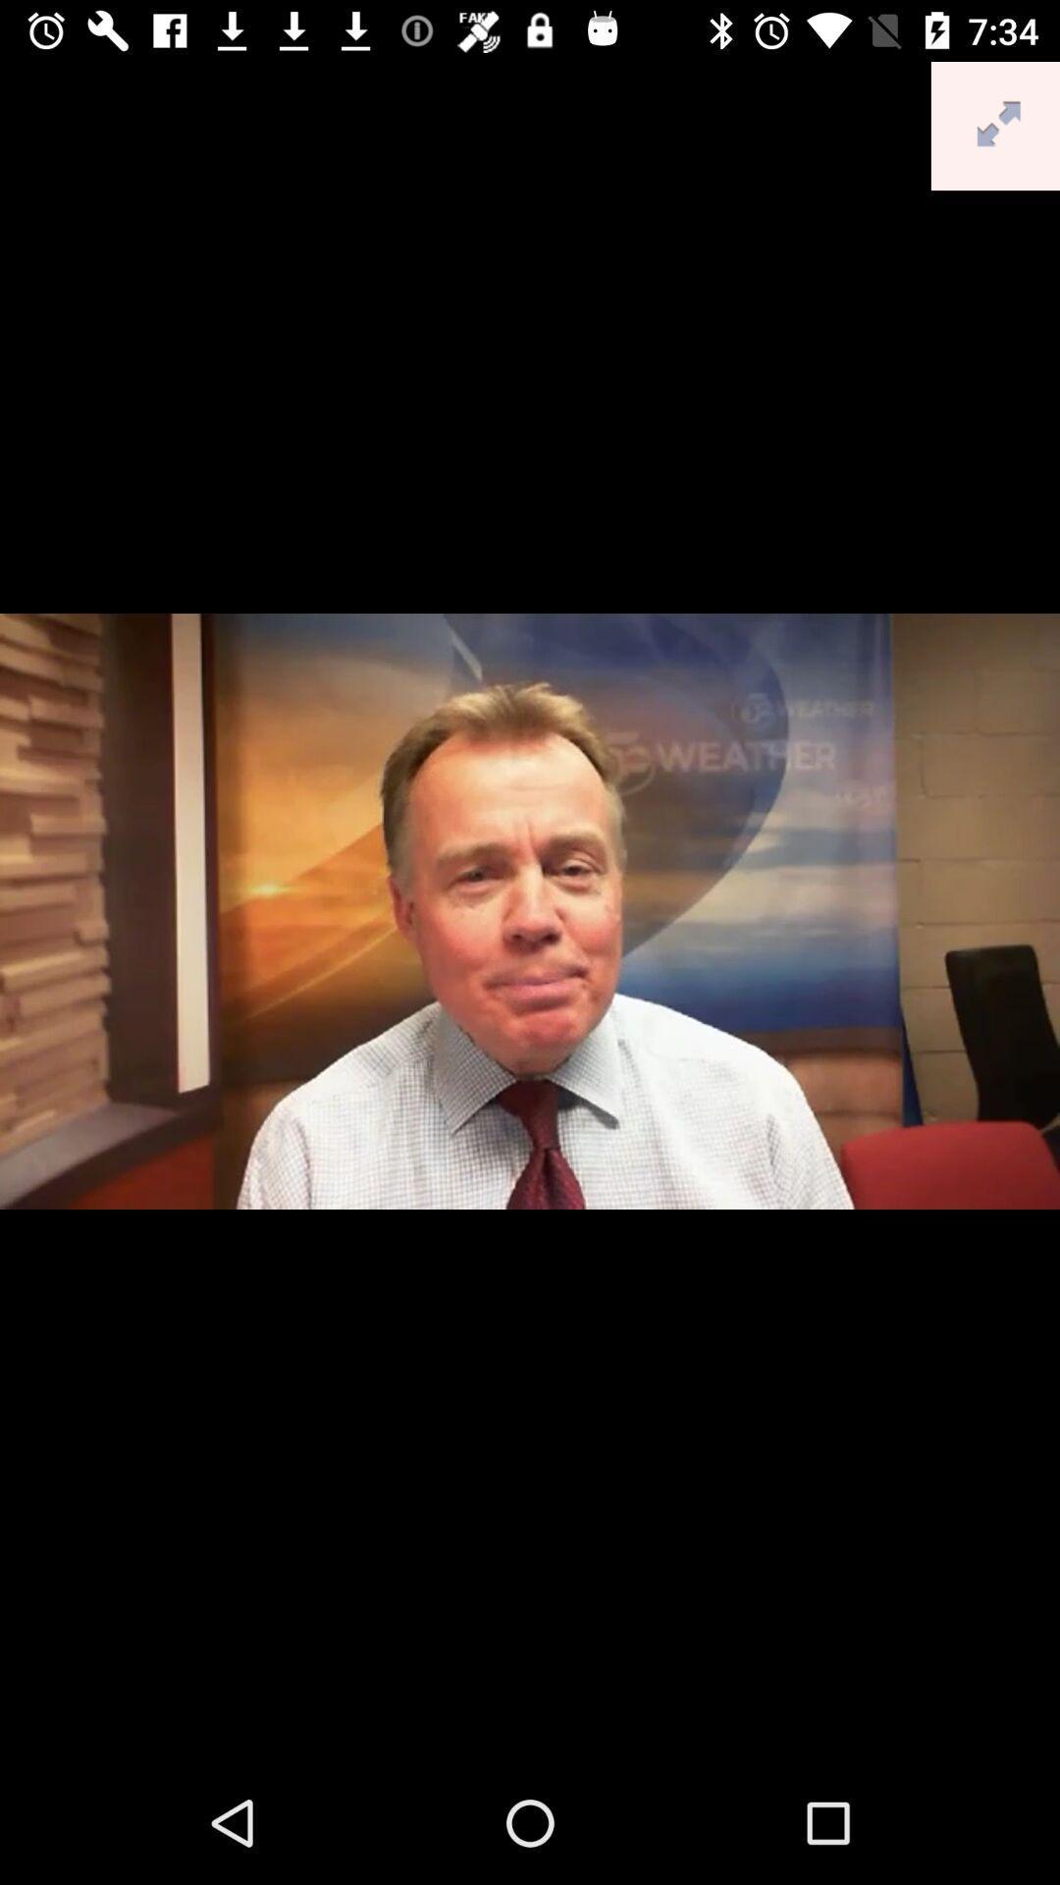 Image resolution: width=1060 pixels, height=1885 pixels. I want to click on the fullscreen icon, so click(995, 125).